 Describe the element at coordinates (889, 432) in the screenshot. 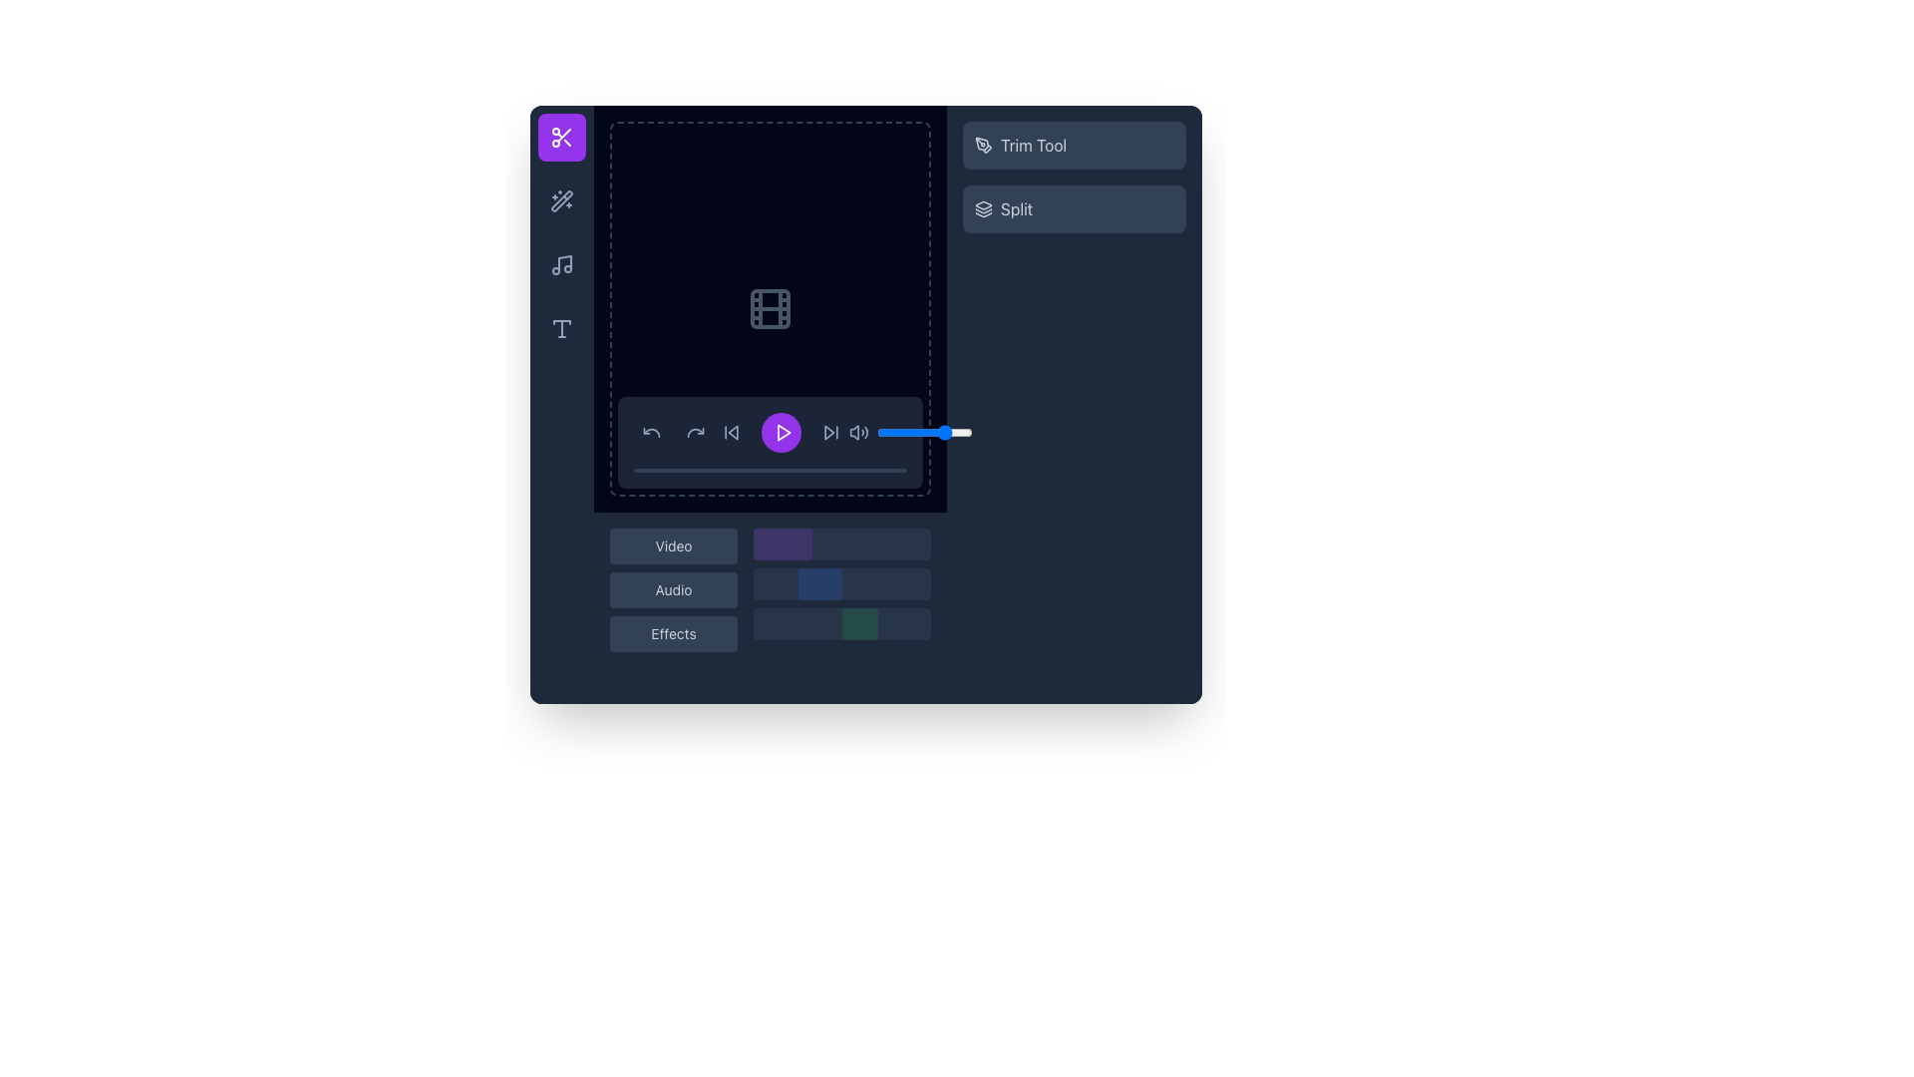

I see `the slider value` at that location.